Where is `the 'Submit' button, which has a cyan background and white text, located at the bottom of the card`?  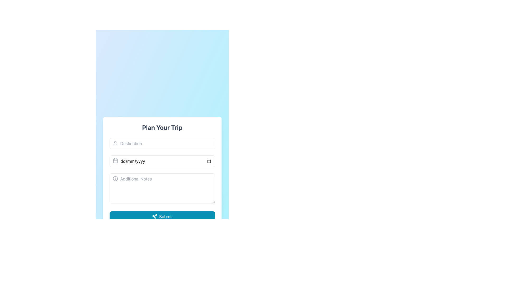 the 'Submit' button, which has a cyan background and white text, located at the bottom of the card is located at coordinates (162, 217).